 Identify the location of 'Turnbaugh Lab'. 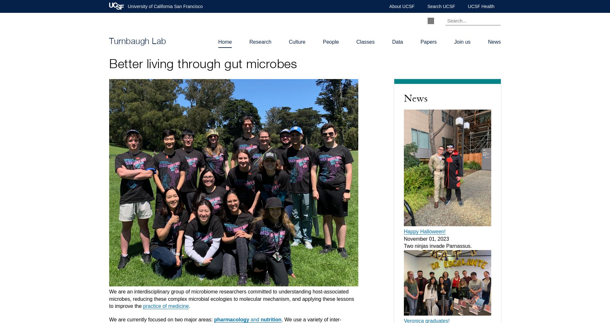
(137, 42).